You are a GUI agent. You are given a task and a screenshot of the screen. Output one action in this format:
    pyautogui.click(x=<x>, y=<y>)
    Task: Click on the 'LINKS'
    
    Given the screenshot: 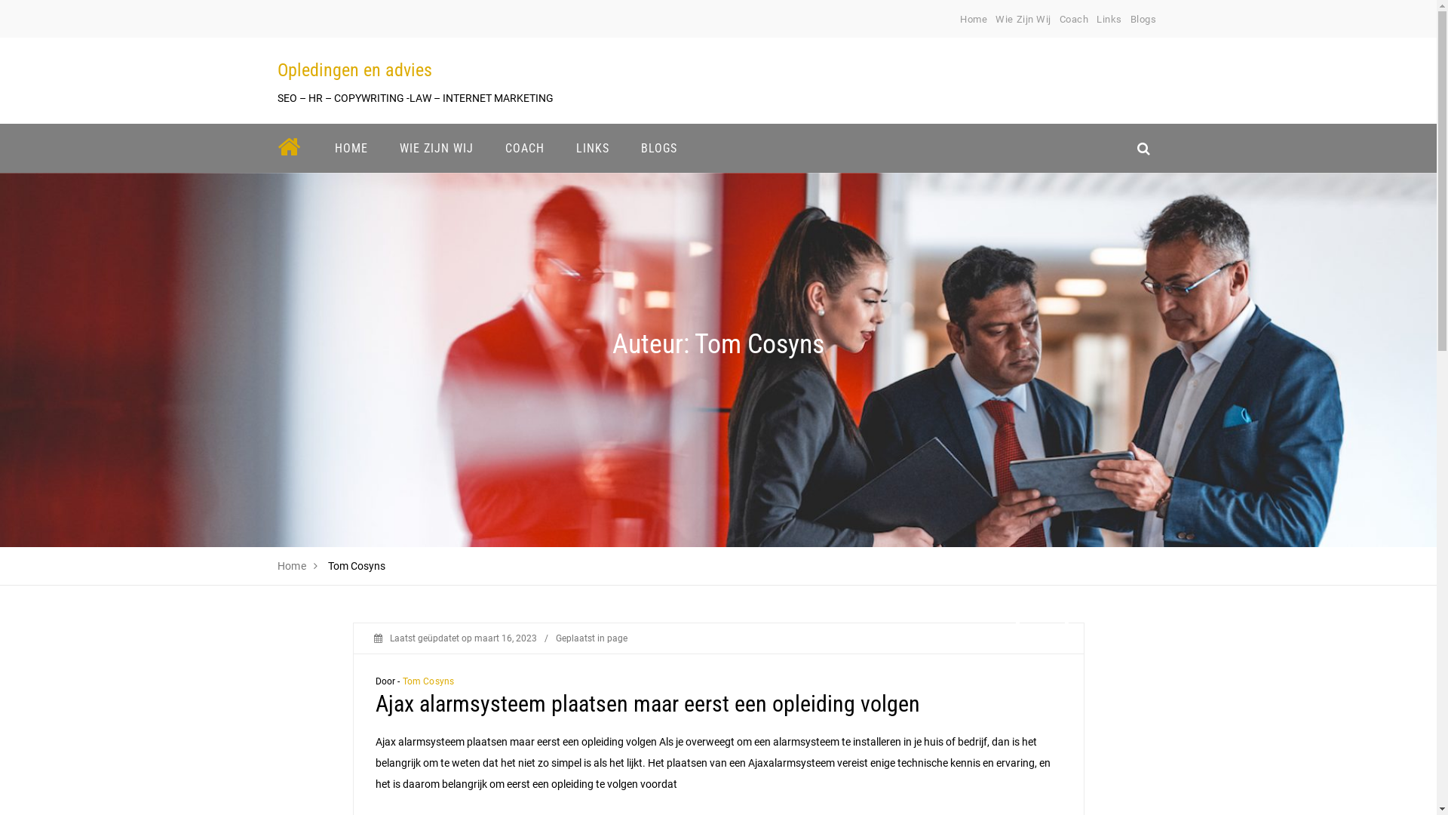 What is the action you would take?
    pyautogui.click(x=591, y=148)
    